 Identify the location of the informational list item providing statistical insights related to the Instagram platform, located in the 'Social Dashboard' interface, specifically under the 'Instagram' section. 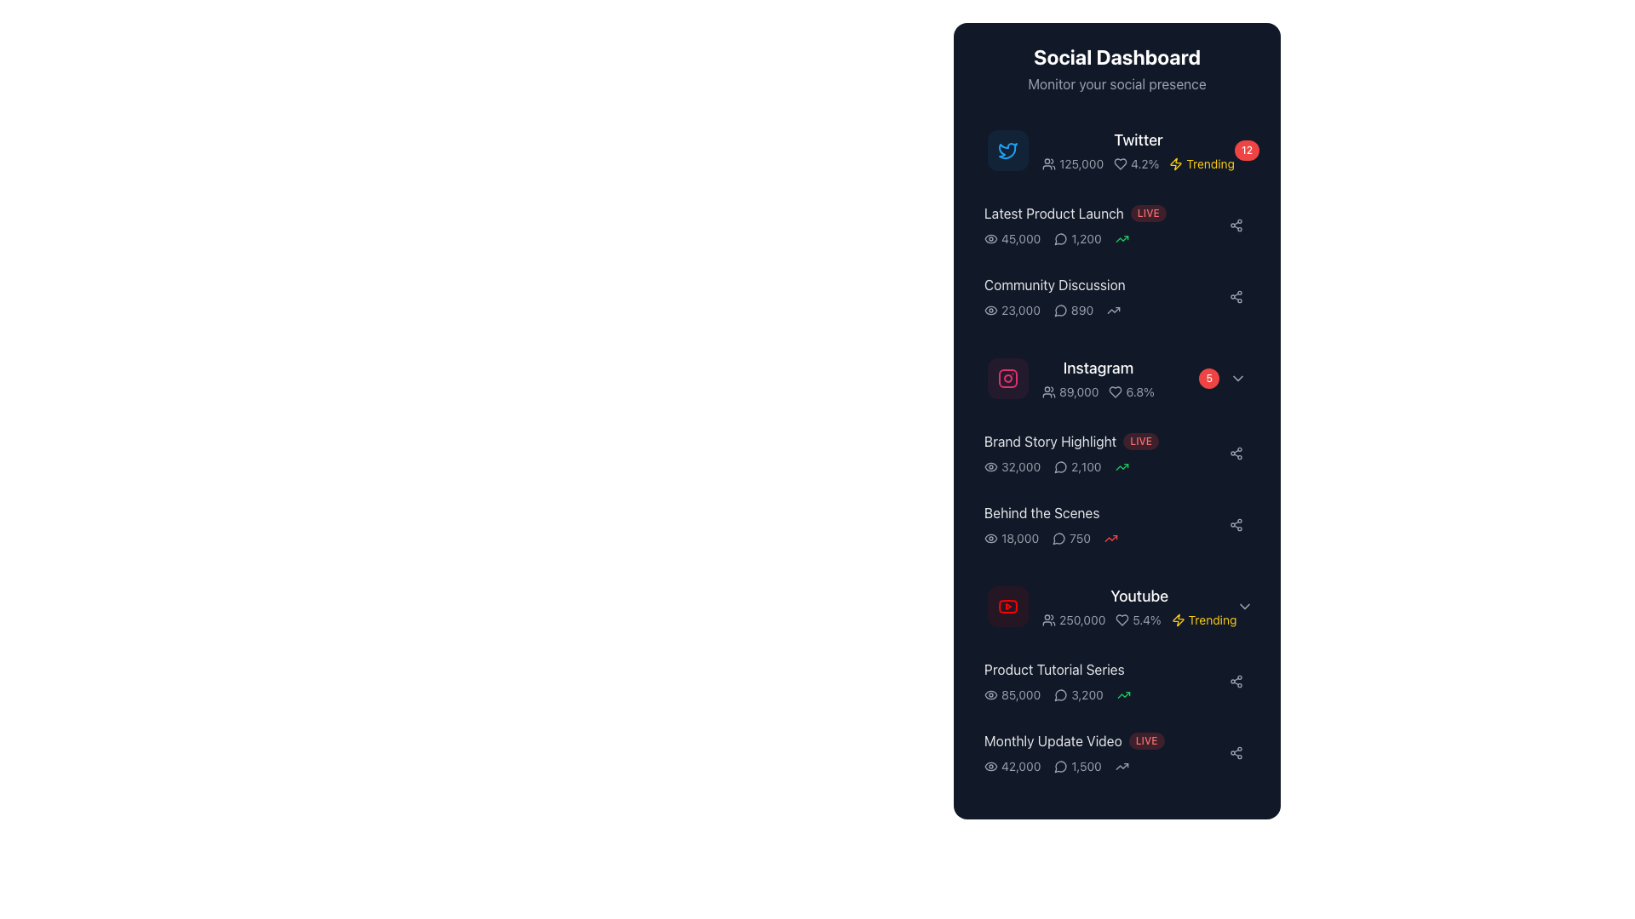
(1070, 377).